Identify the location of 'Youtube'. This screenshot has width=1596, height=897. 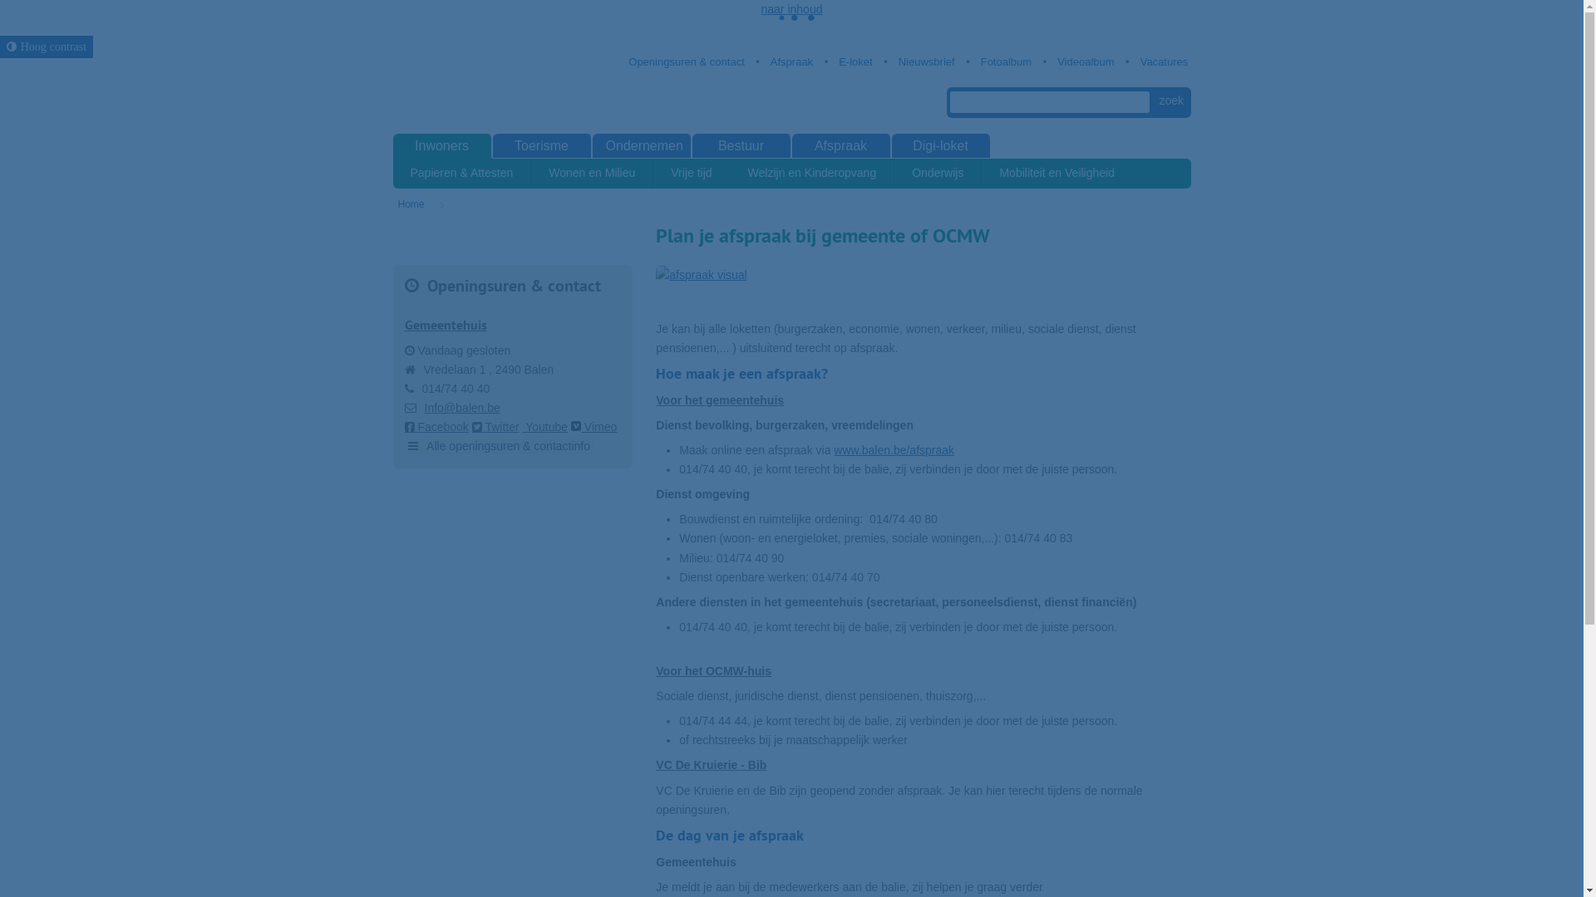
(545, 425).